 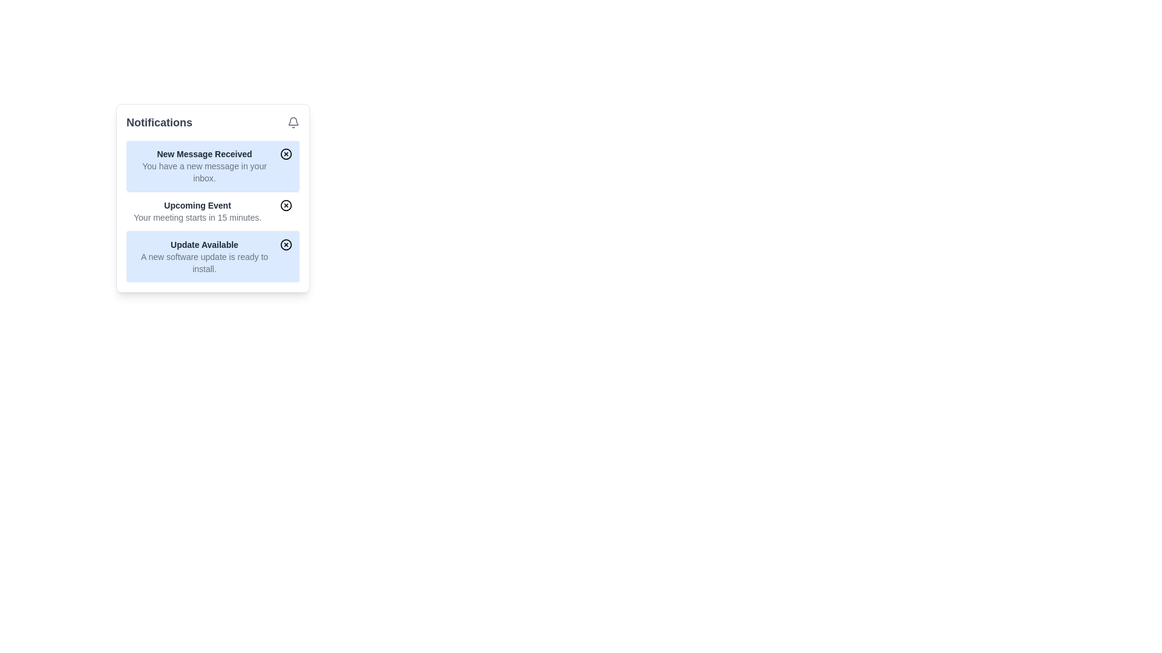 I want to click on the Text block that provides additional context regarding the update available notification, located underneath the heading 'Update Available' within the notification group, so click(x=204, y=262).